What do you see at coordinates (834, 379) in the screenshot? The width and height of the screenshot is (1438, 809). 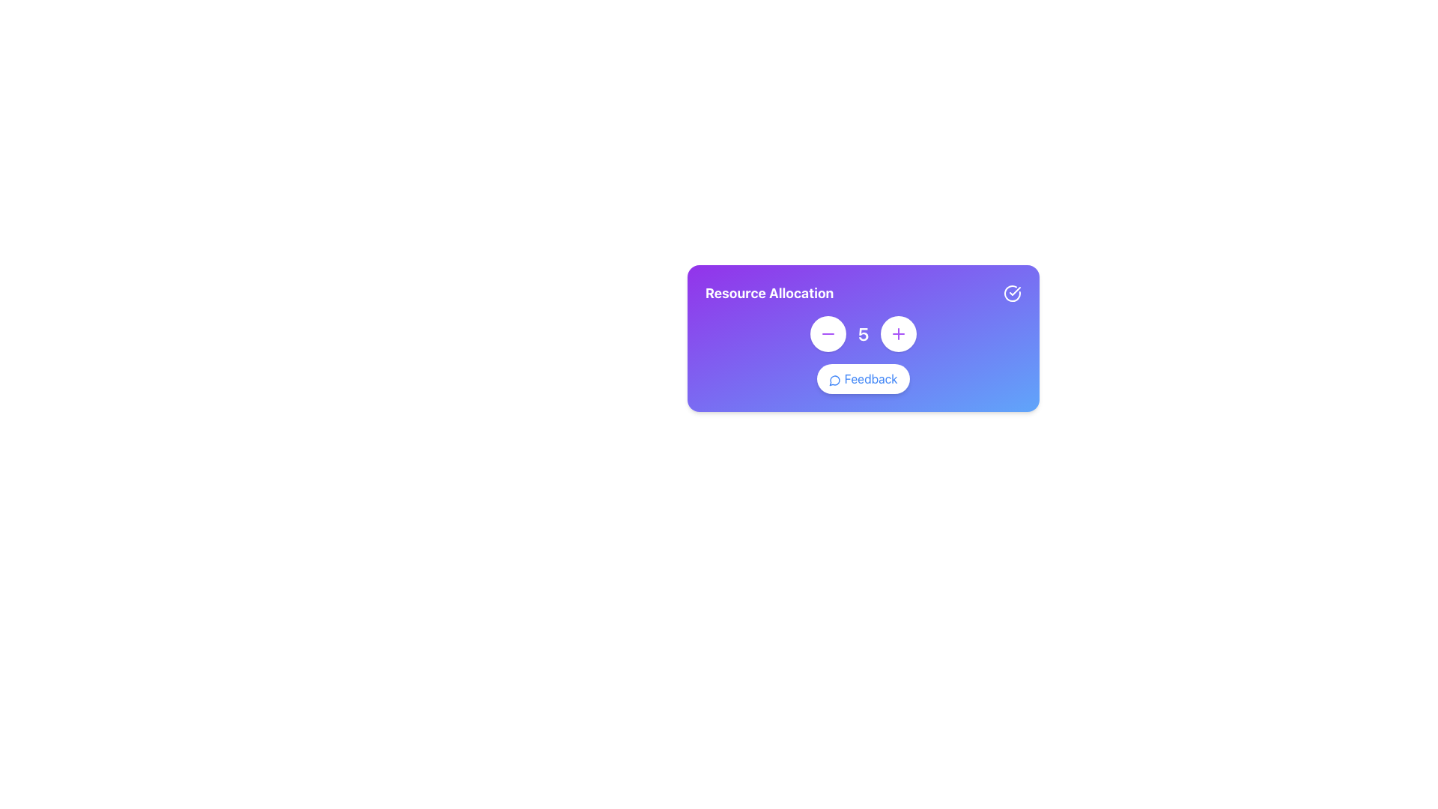 I see `the message bubble icon, which is styled with a blue stroke and located to the left of the 'Feedback' text label within the 'Feedback' button in the 'Resource Allocation' interface card` at bounding box center [834, 379].